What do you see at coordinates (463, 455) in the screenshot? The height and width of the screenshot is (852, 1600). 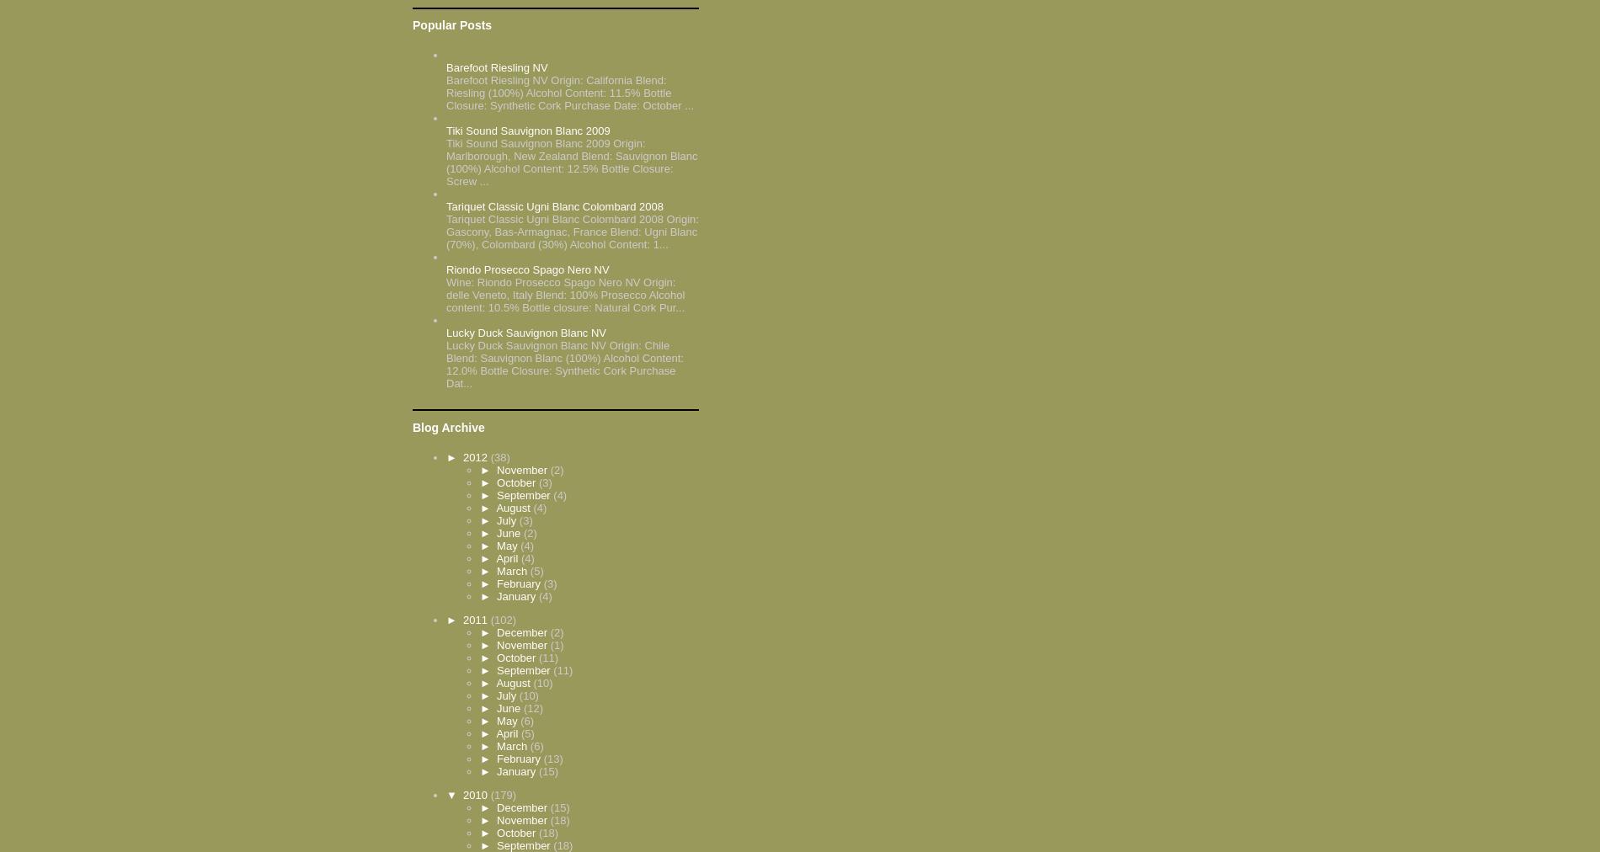 I see `'2012'` at bounding box center [463, 455].